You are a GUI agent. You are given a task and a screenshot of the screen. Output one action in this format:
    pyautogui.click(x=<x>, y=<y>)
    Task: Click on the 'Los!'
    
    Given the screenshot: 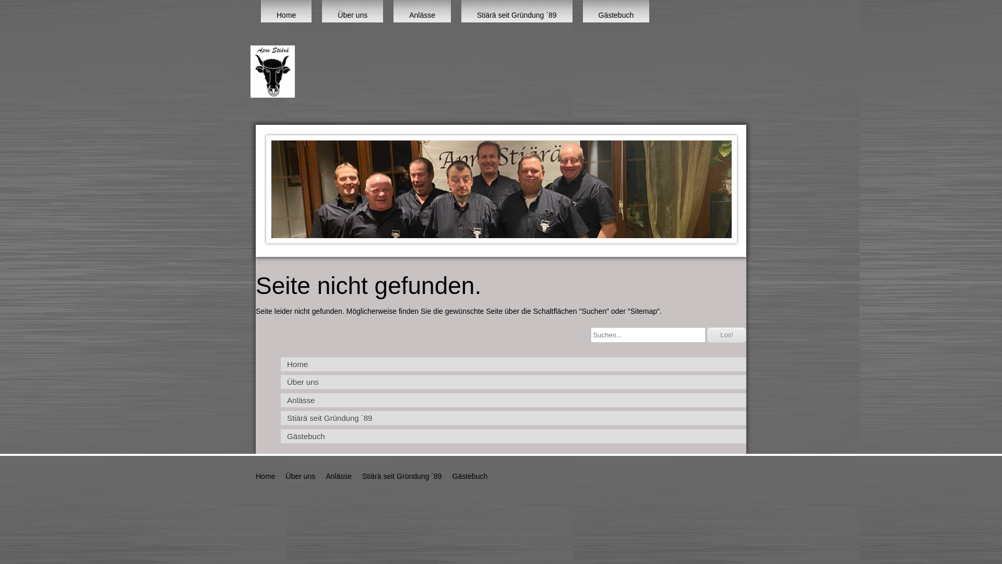 What is the action you would take?
    pyautogui.click(x=707, y=335)
    